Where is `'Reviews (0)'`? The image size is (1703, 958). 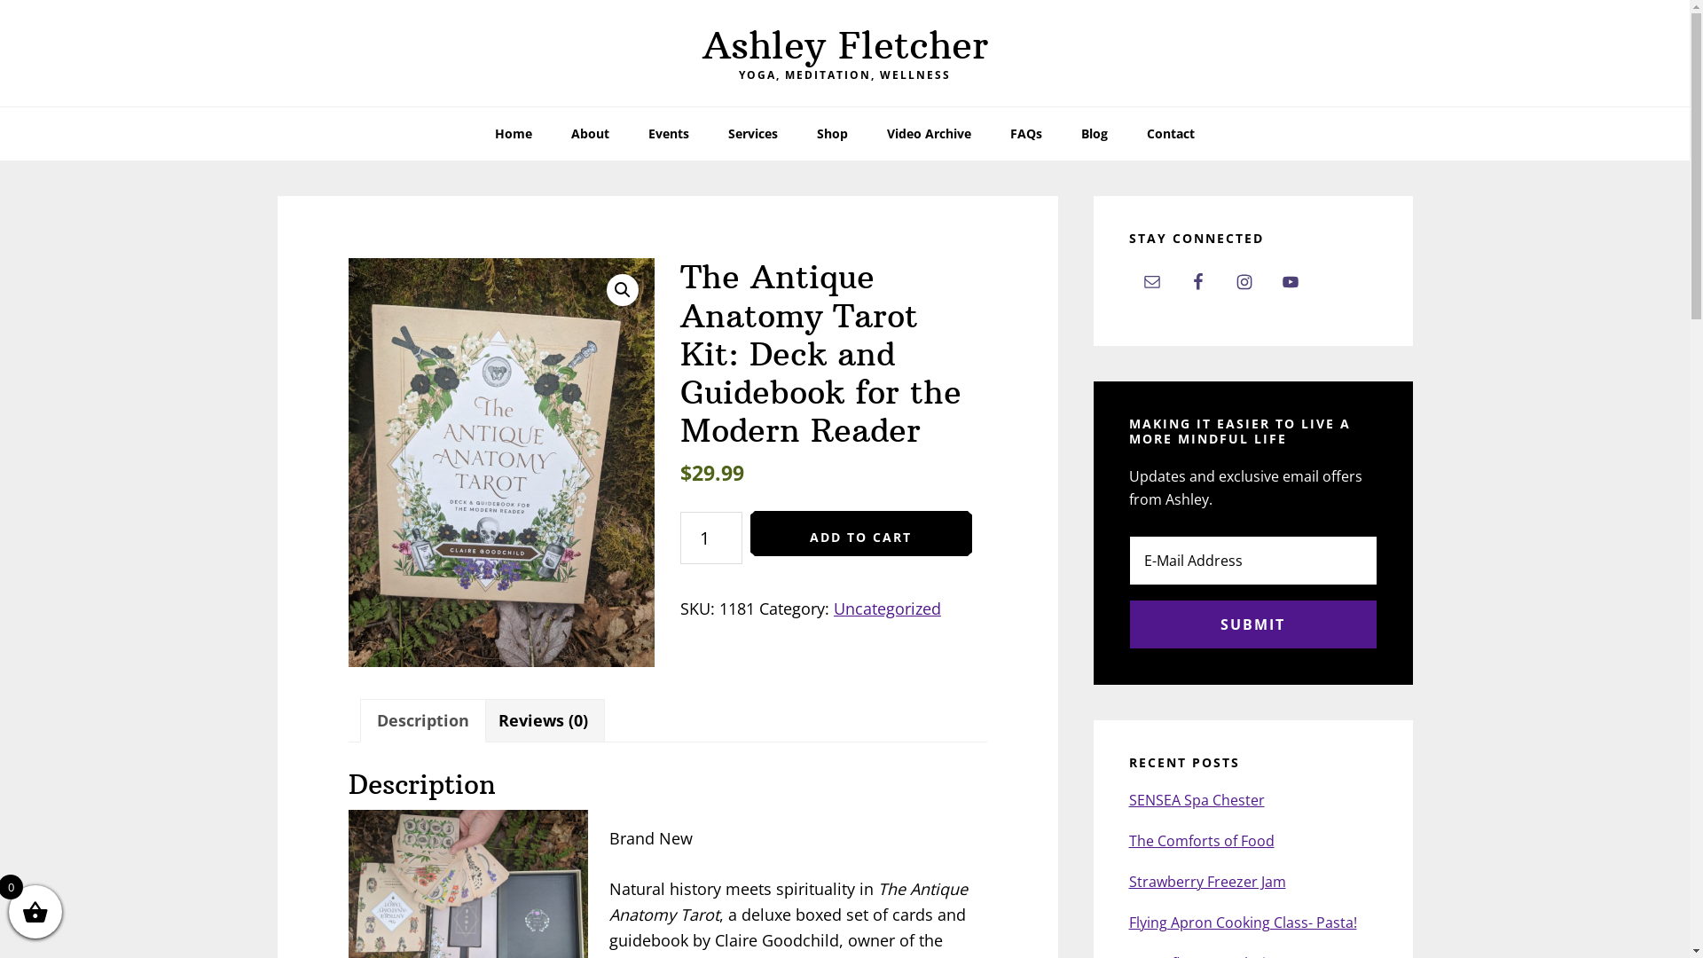 'Reviews (0)' is located at coordinates (542, 720).